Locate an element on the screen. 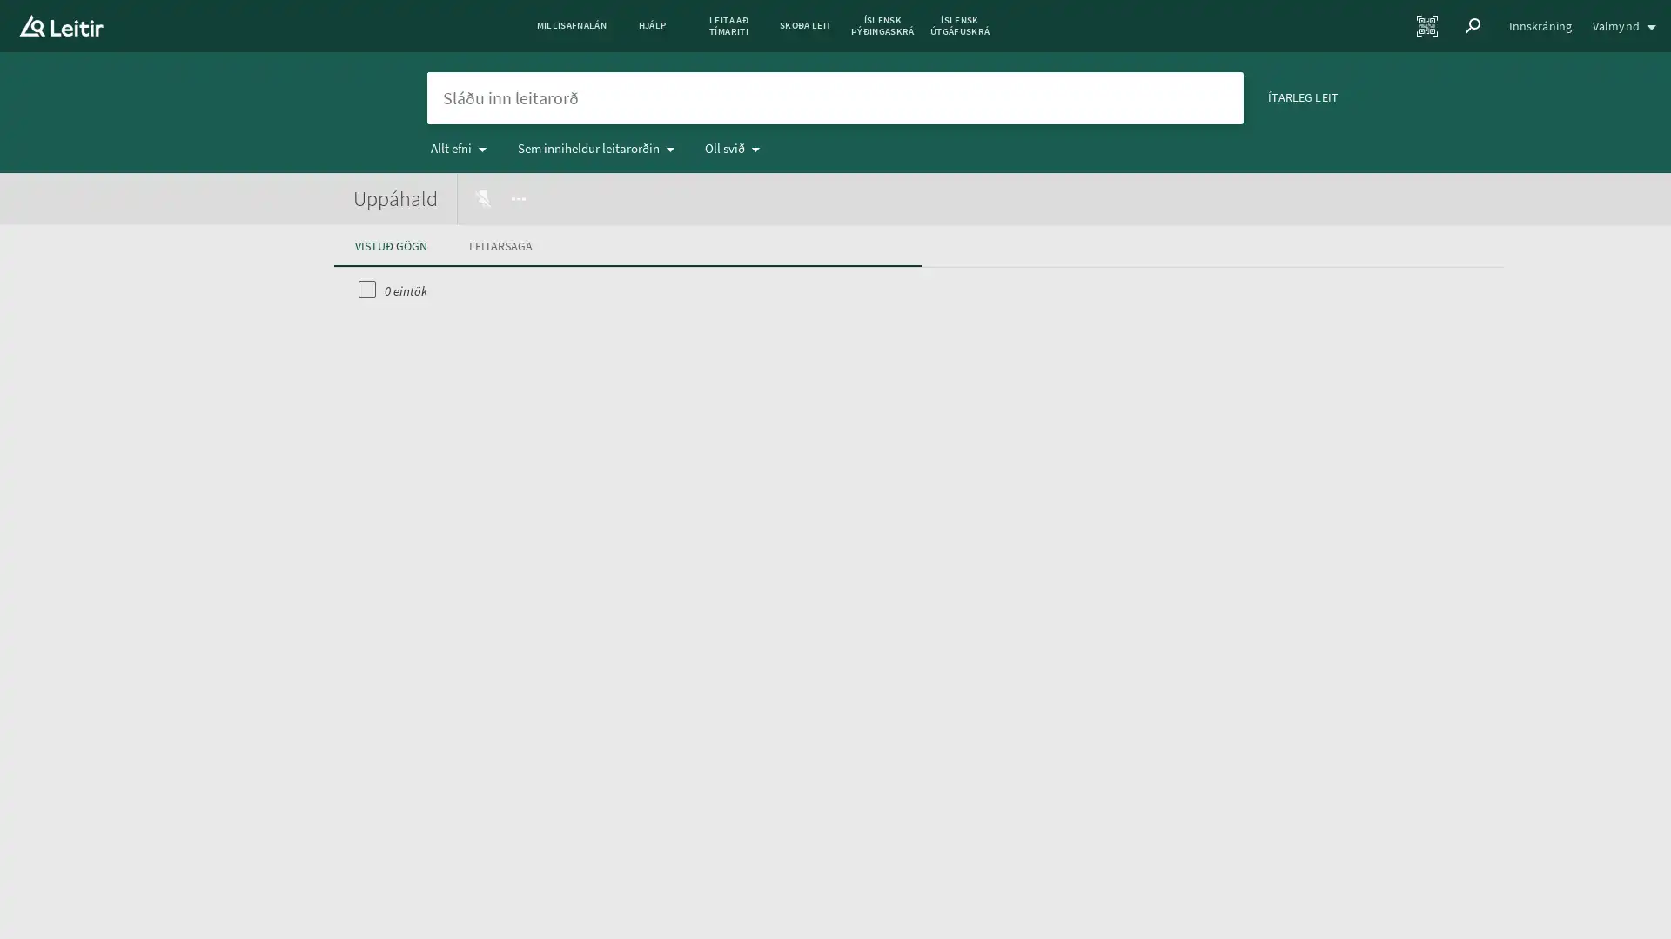  Itarleg leit is located at coordinates (1303, 97).